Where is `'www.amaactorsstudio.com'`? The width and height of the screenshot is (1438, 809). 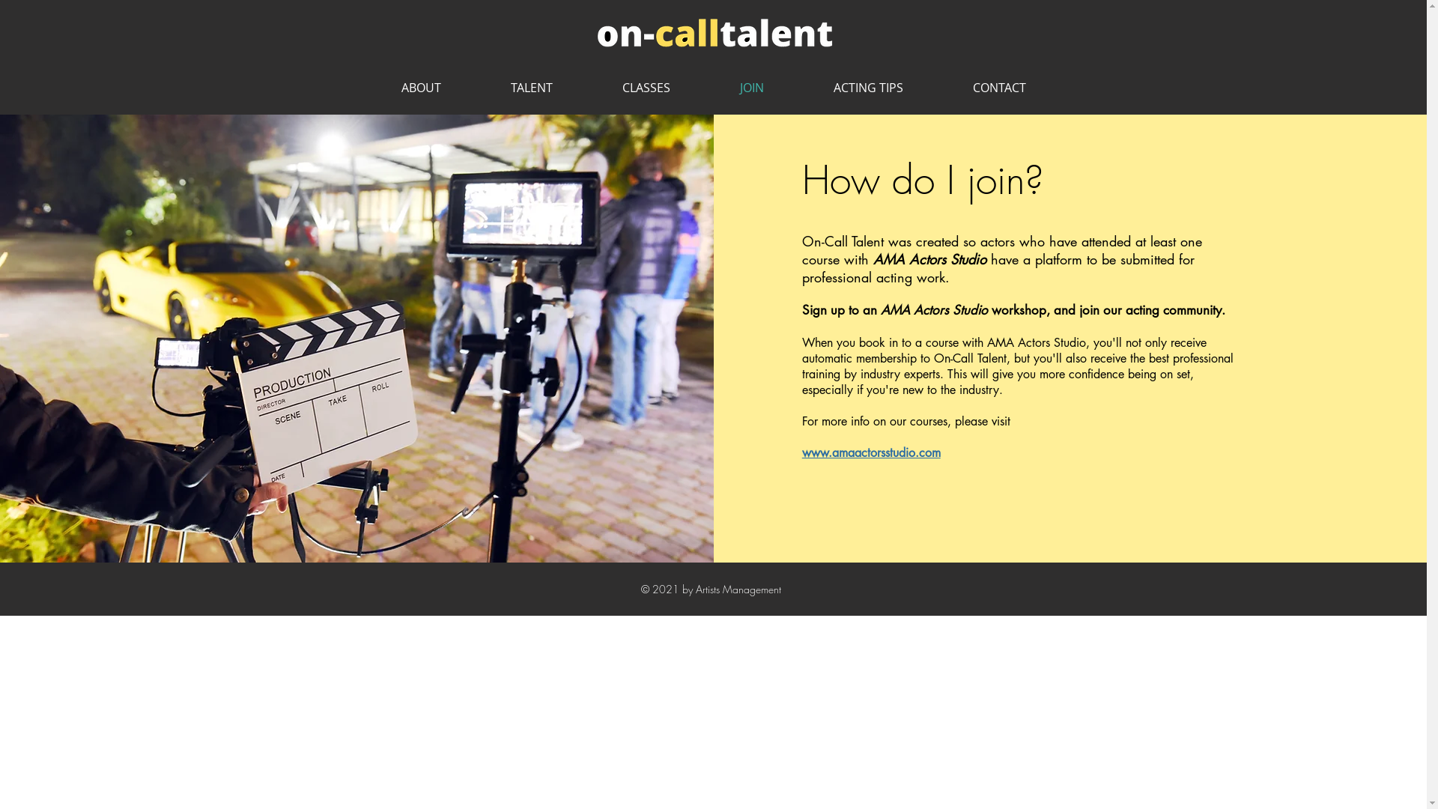 'www.amaactorsstudio.com' is located at coordinates (801, 452).